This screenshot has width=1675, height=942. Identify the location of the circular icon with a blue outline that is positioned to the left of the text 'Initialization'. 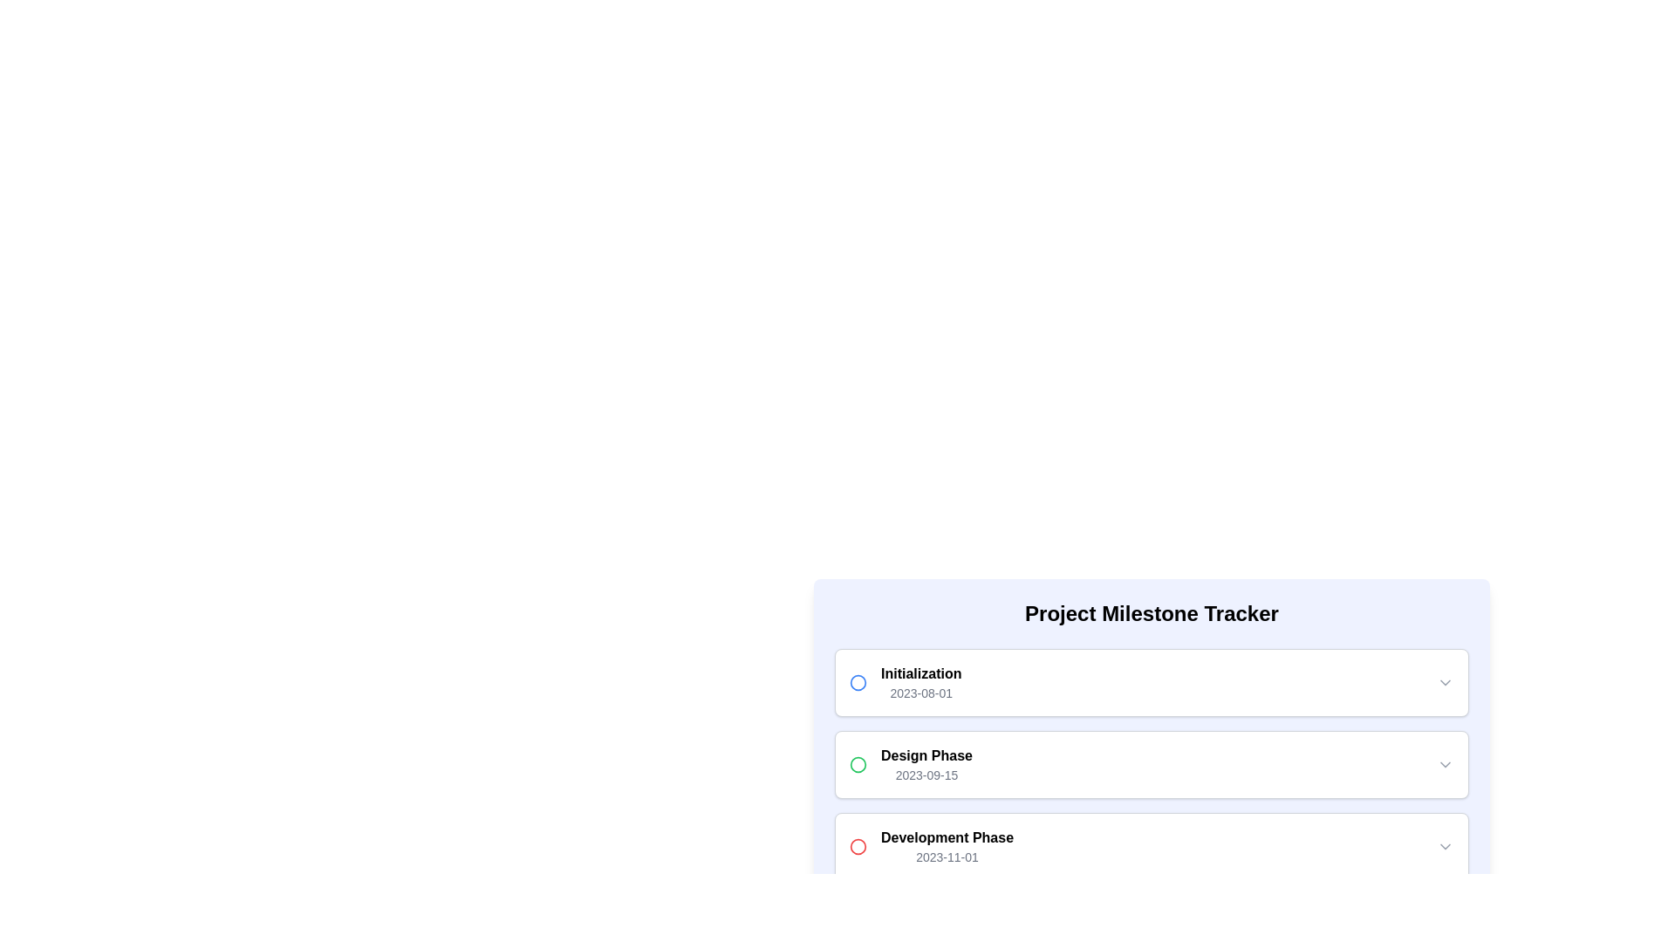
(858, 682).